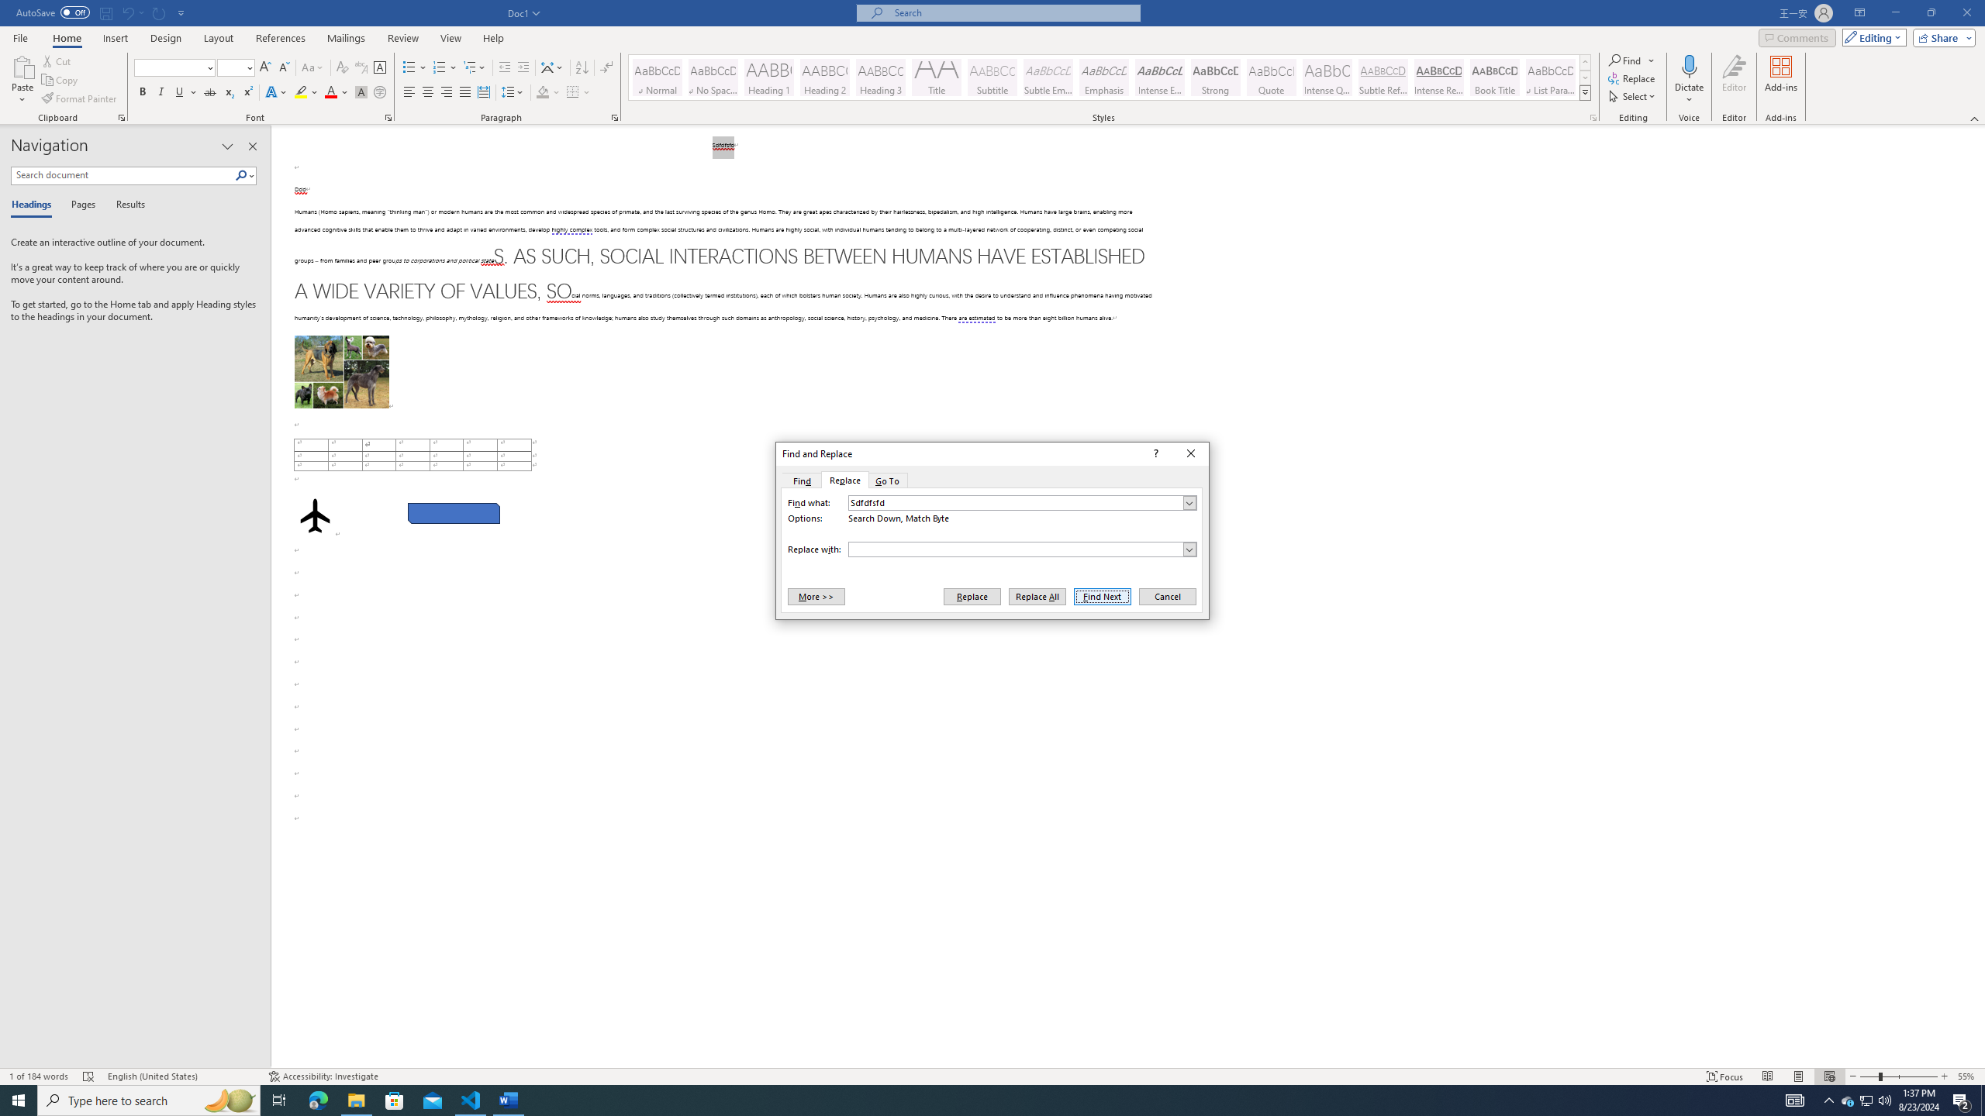 This screenshot has height=1116, width=1985. Describe the element at coordinates (483, 91) in the screenshot. I see `'Distributed'` at that location.